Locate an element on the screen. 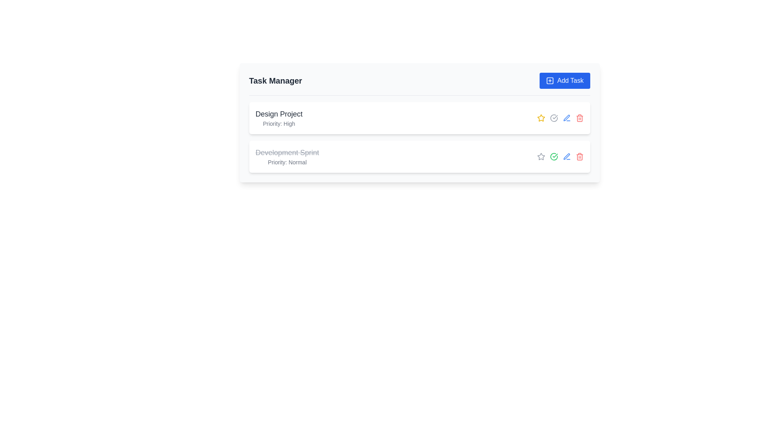  the delete button with an icon associated with a specific task to initiate the deletion of that task is located at coordinates (579, 156).